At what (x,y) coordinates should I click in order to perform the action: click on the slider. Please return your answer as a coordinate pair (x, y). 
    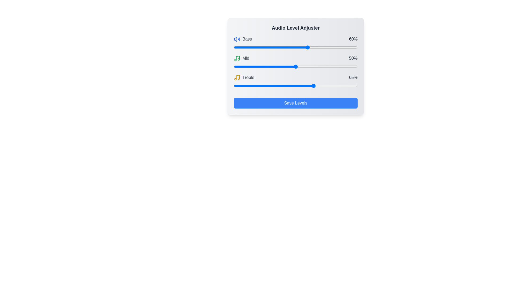
    Looking at the image, I should click on (317, 85).